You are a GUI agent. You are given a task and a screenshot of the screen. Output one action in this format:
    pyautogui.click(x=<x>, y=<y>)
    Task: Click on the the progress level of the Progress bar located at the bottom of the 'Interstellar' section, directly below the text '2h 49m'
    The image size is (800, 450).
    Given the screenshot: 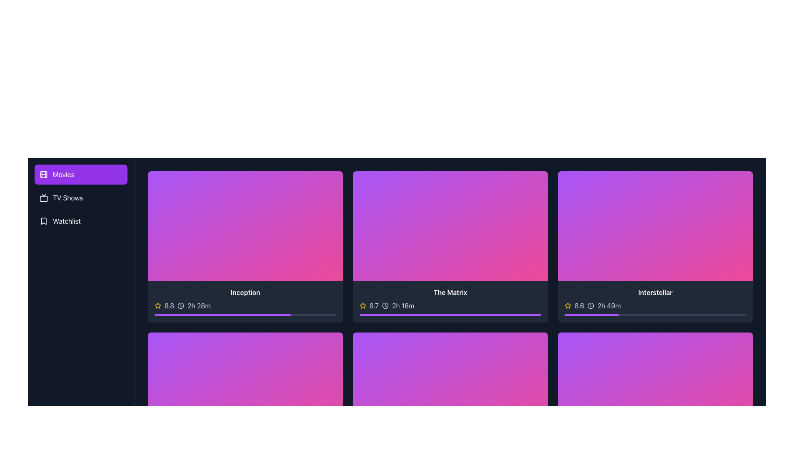 What is the action you would take?
    pyautogui.click(x=655, y=315)
    